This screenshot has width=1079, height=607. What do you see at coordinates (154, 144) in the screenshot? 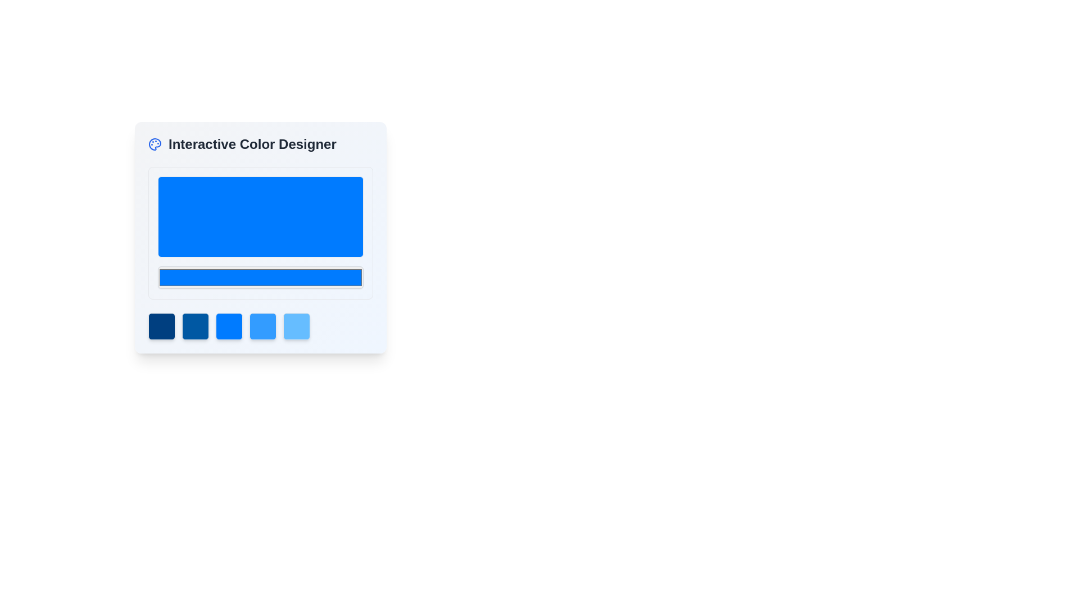
I see `the painter's palette icon, which is located to the left of the text 'Interactive Color Designer'` at bounding box center [154, 144].